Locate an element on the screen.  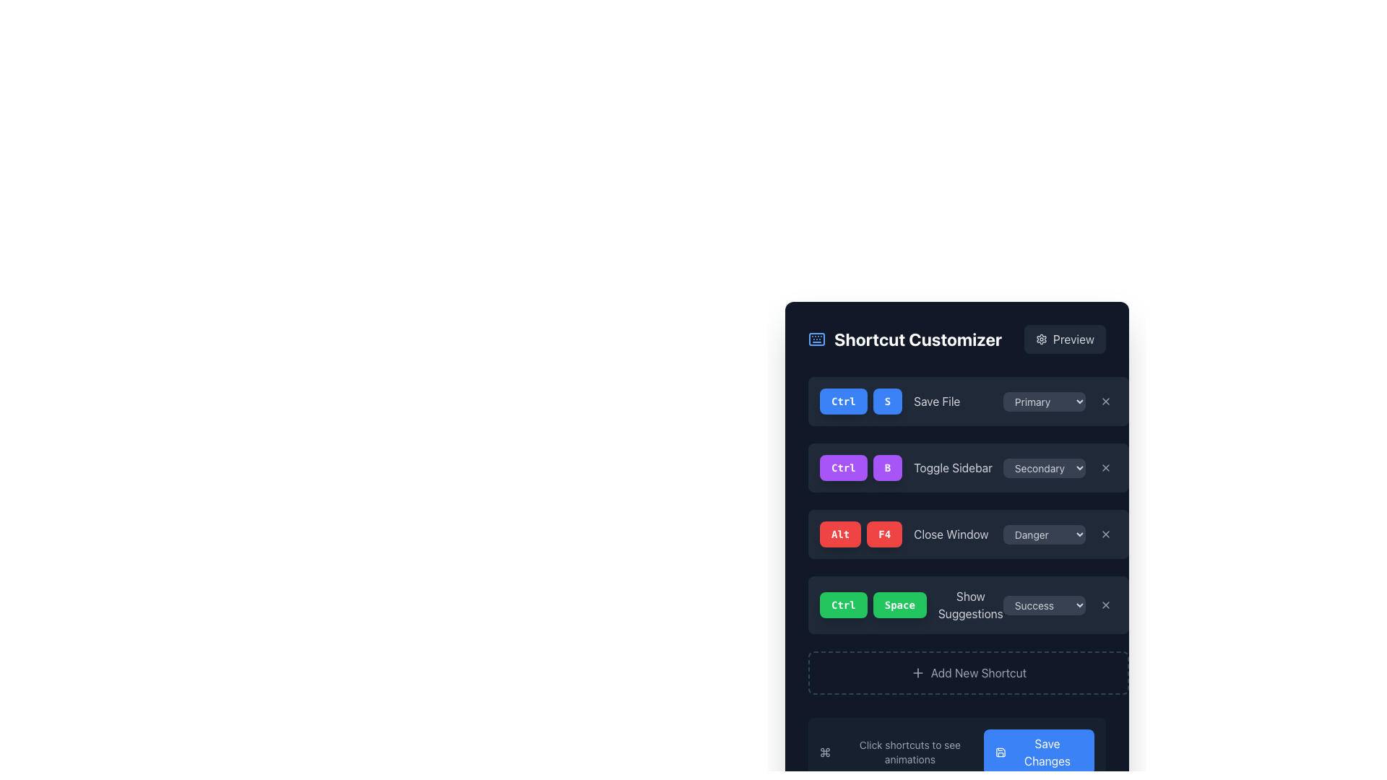
the text label displaying the message 'Click shortcuts is located at coordinates (909, 751).